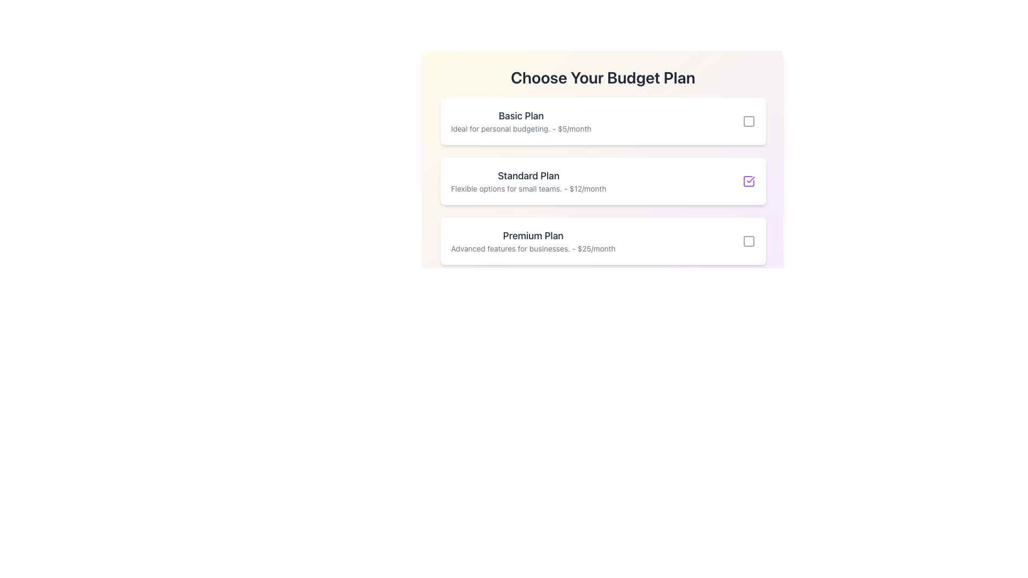  What do you see at coordinates (748, 121) in the screenshot?
I see `the SVG rectangle element that visually indicates the selection or status of the 'Basic Plan'` at bounding box center [748, 121].